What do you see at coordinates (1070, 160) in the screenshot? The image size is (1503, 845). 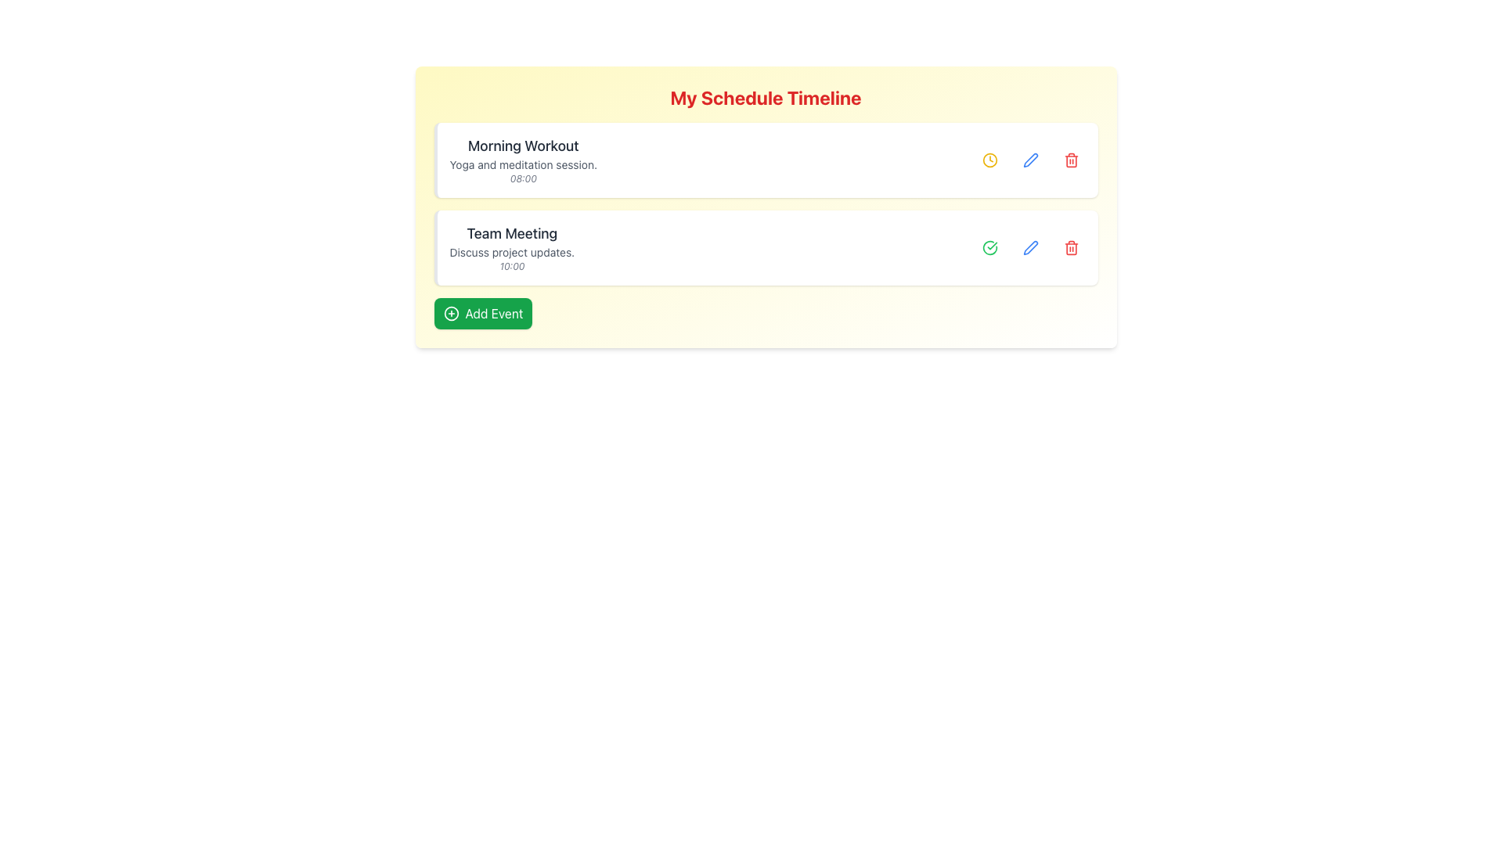 I see `the delete icon button for the 'Morning Workout' entry` at bounding box center [1070, 160].